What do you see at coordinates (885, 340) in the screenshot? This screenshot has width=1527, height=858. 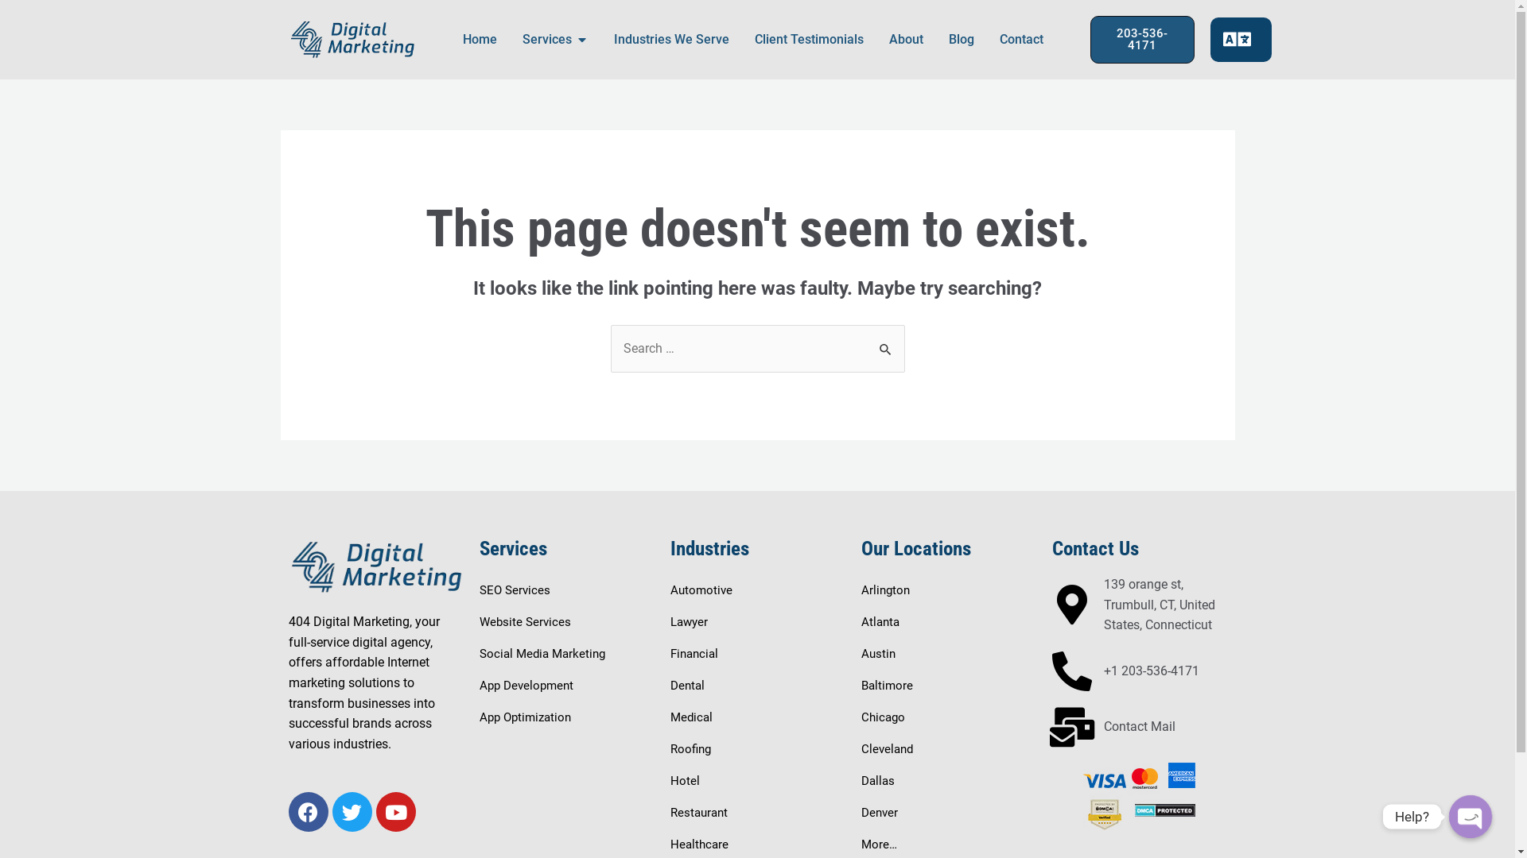 I see `'Search'` at bounding box center [885, 340].